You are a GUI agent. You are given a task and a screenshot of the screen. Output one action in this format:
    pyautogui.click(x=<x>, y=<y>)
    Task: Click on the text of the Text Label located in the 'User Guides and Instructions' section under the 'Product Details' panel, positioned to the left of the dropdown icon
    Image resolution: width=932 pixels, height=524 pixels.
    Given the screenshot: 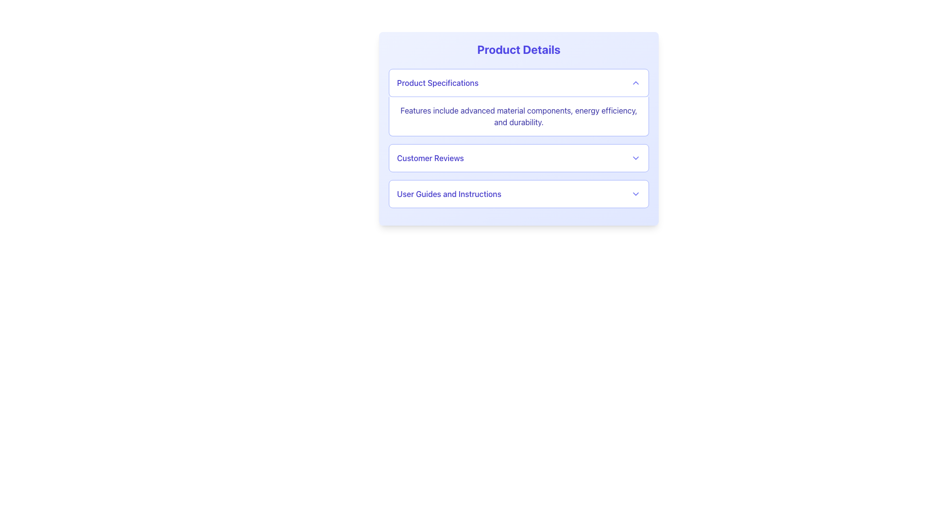 What is the action you would take?
    pyautogui.click(x=449, y=194)
    